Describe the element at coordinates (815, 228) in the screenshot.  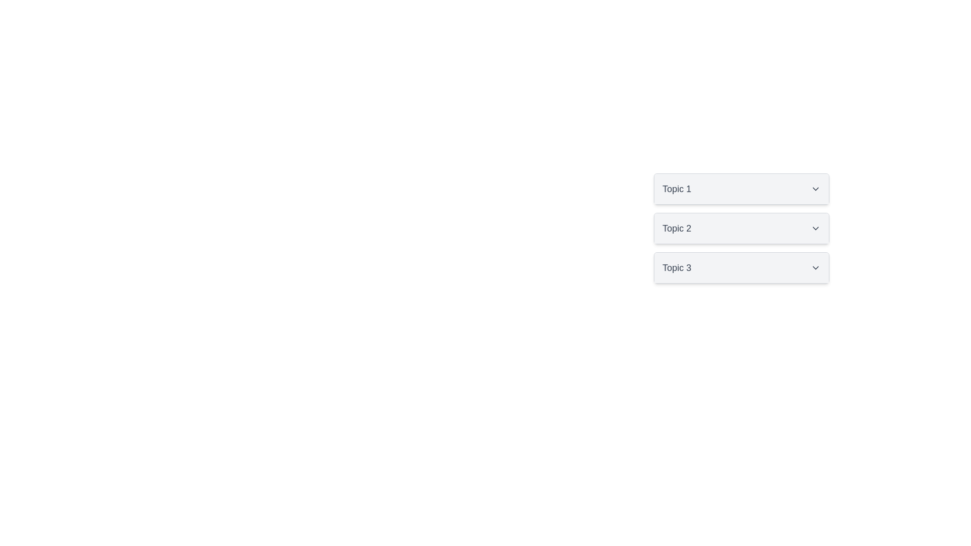
I see `the downward-facing chevron icon next to the text 'Topic 2' for visual feedback` at that location.